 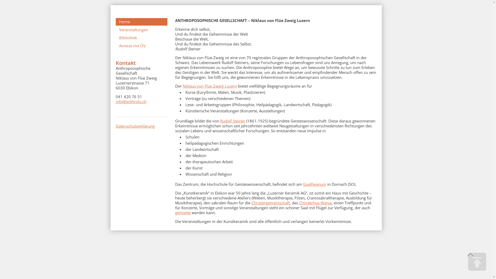 What do you see at coordinates (141, 21) in the screenshot?
I see `'Home'` at bounding box center [141, 21].